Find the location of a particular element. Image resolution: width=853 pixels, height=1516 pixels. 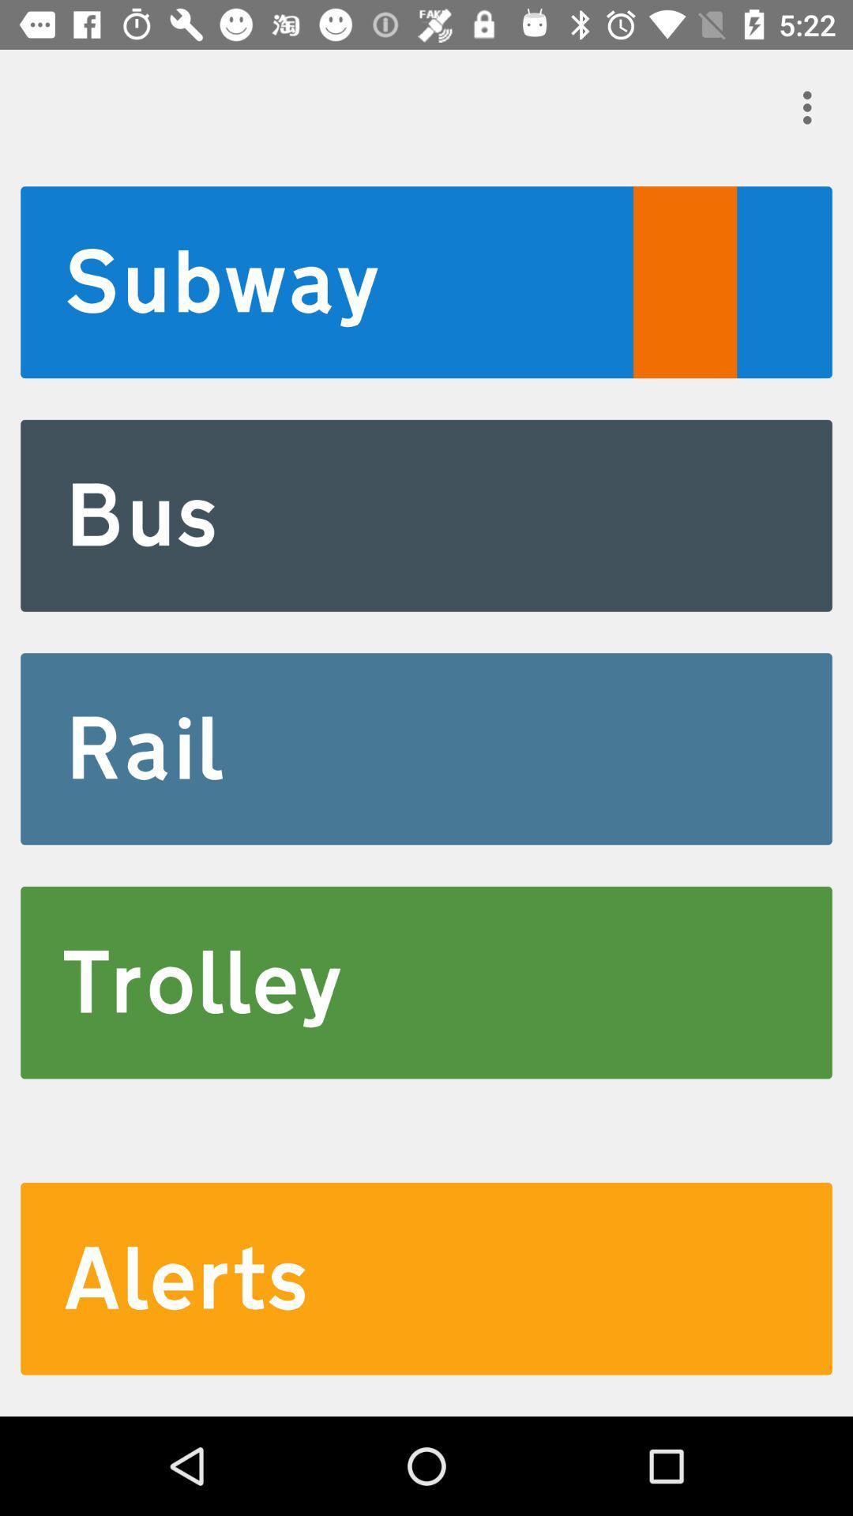

the alerts is located at coordinates (426, 1278).